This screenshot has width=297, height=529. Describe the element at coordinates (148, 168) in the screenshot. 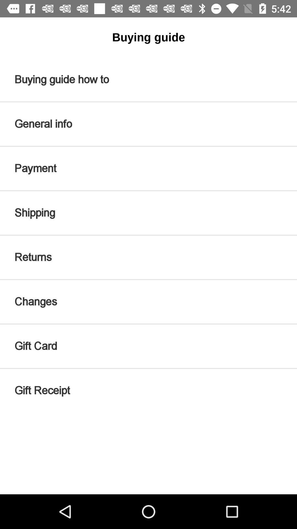

I see `the icon above shipping icon` at that location.